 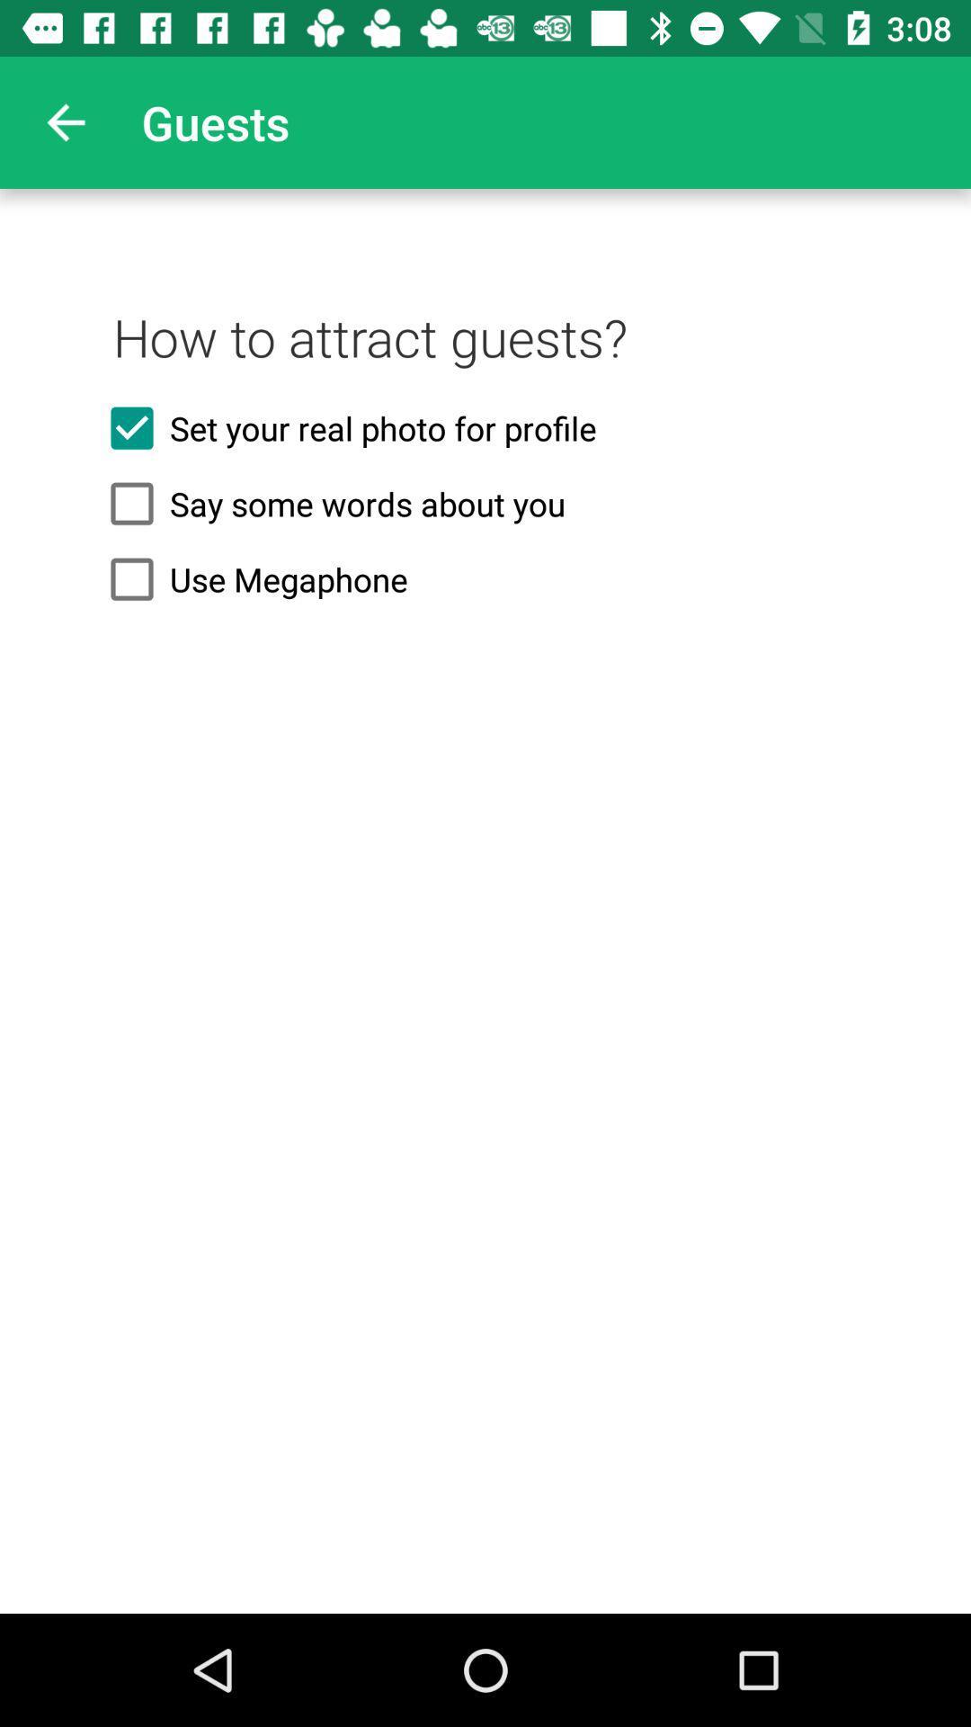 I want to click on item below set your real, so click(x=485, y=504).